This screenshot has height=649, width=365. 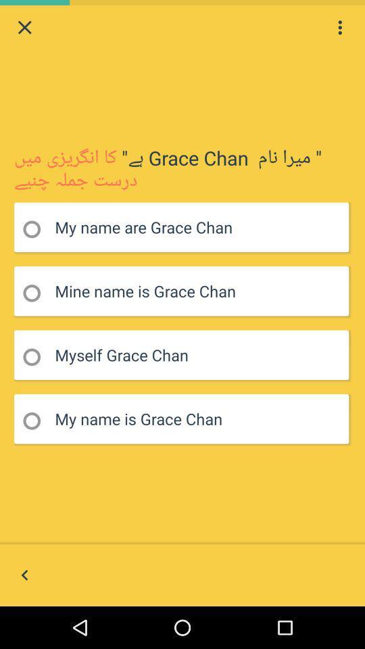 What do you see at coordinates (24, 28) in the screenshot?
I see `the close icon` at bounding box center [24, 28].